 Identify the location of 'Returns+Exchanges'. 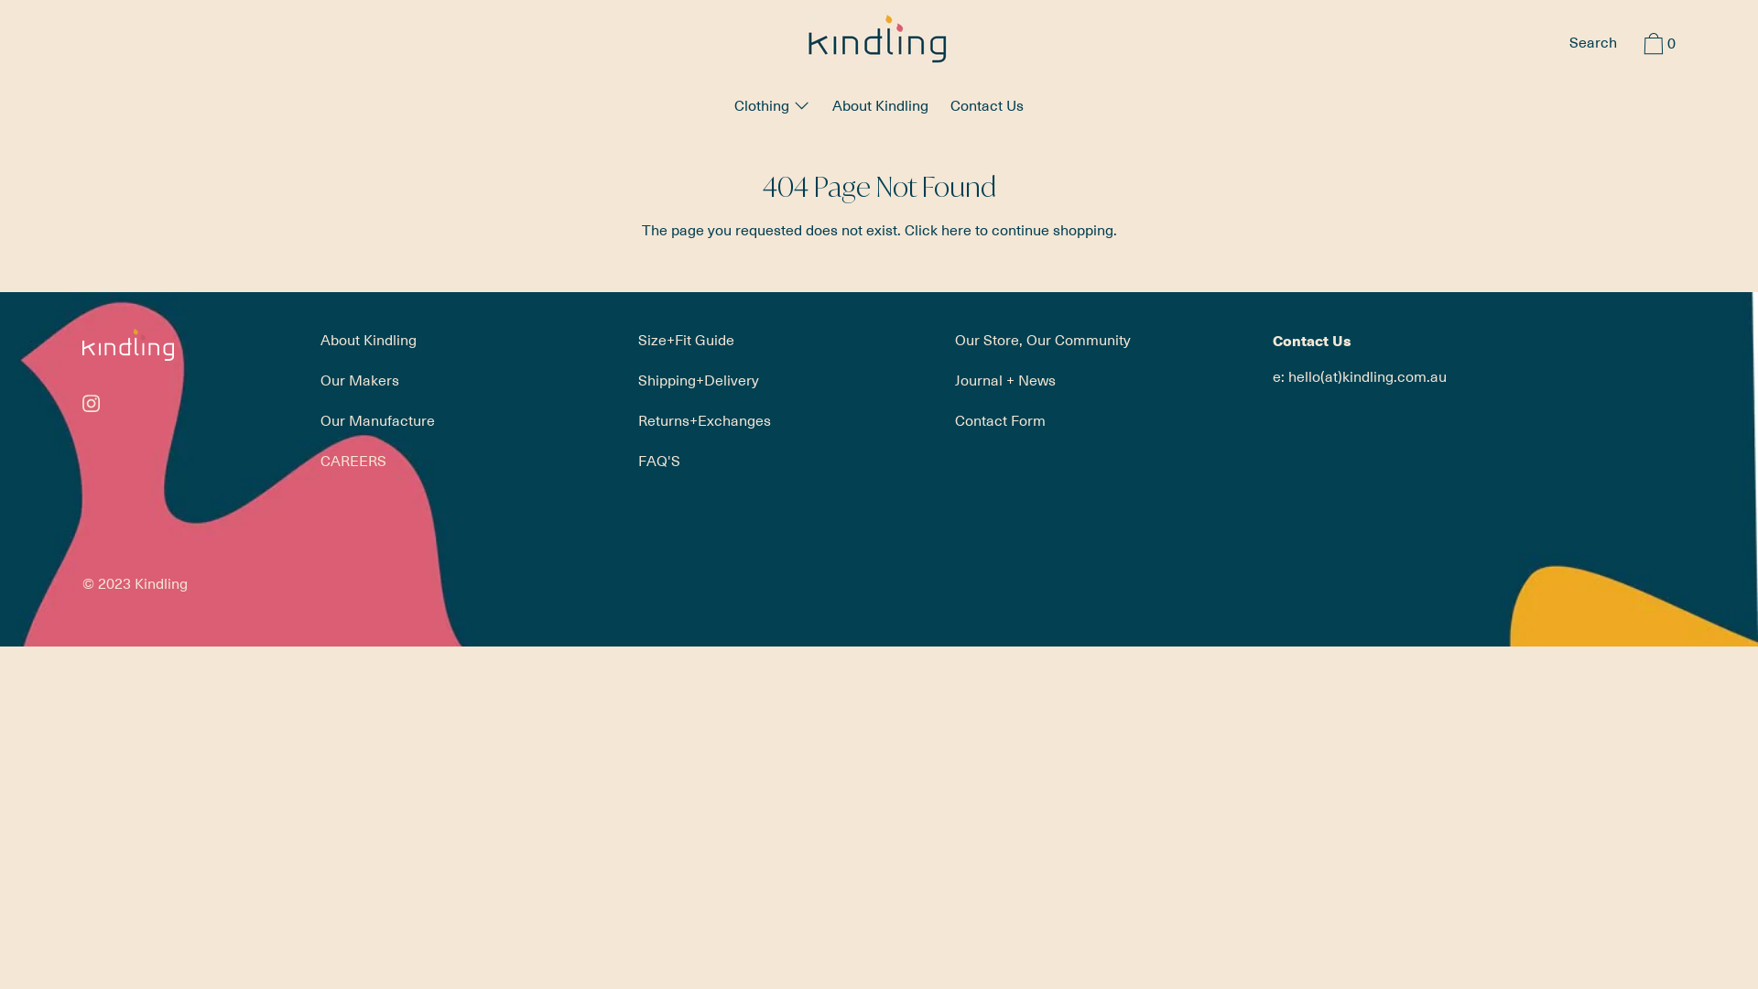
(703, 420).